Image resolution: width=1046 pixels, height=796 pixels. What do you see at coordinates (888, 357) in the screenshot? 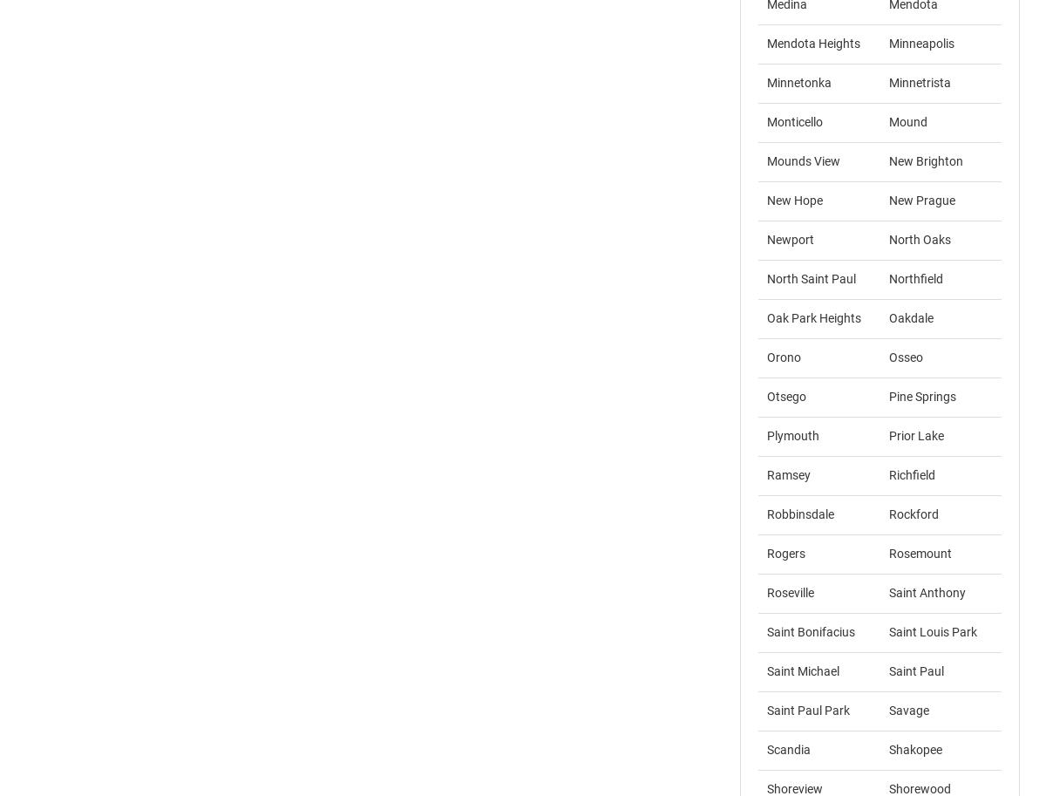
I see `'Osseo'` at bounding box center [888, 357].